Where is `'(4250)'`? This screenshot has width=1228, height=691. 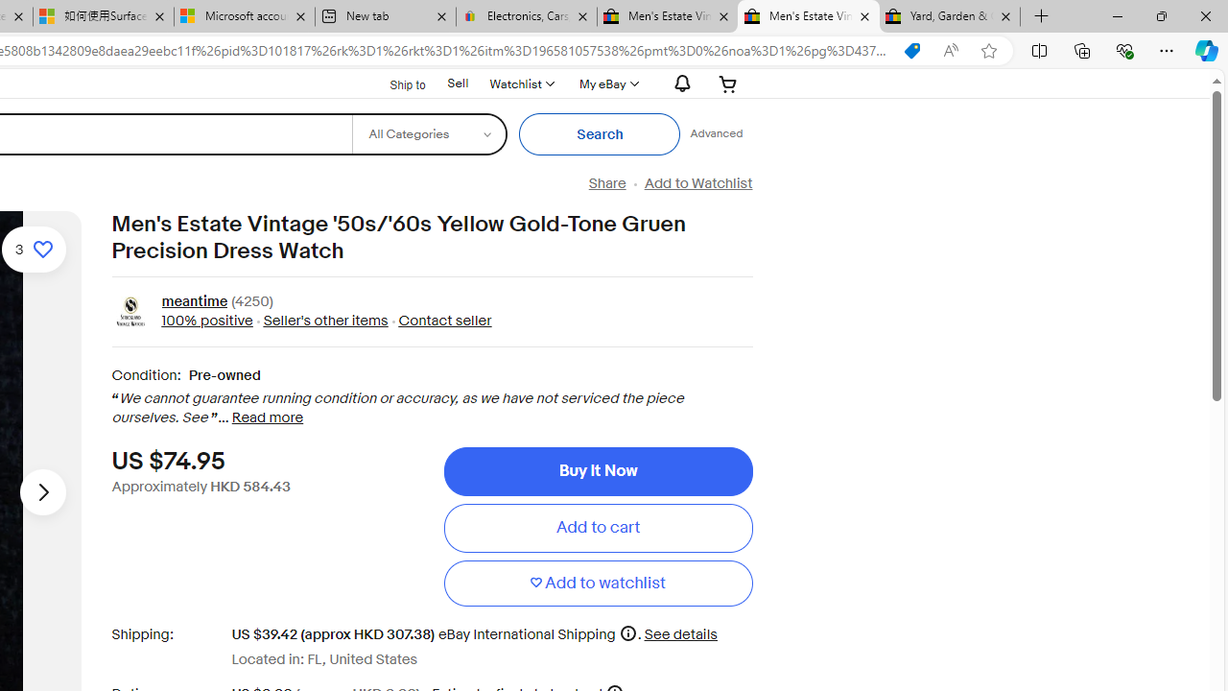
'(4250)' is located at coordinates (251, 302).